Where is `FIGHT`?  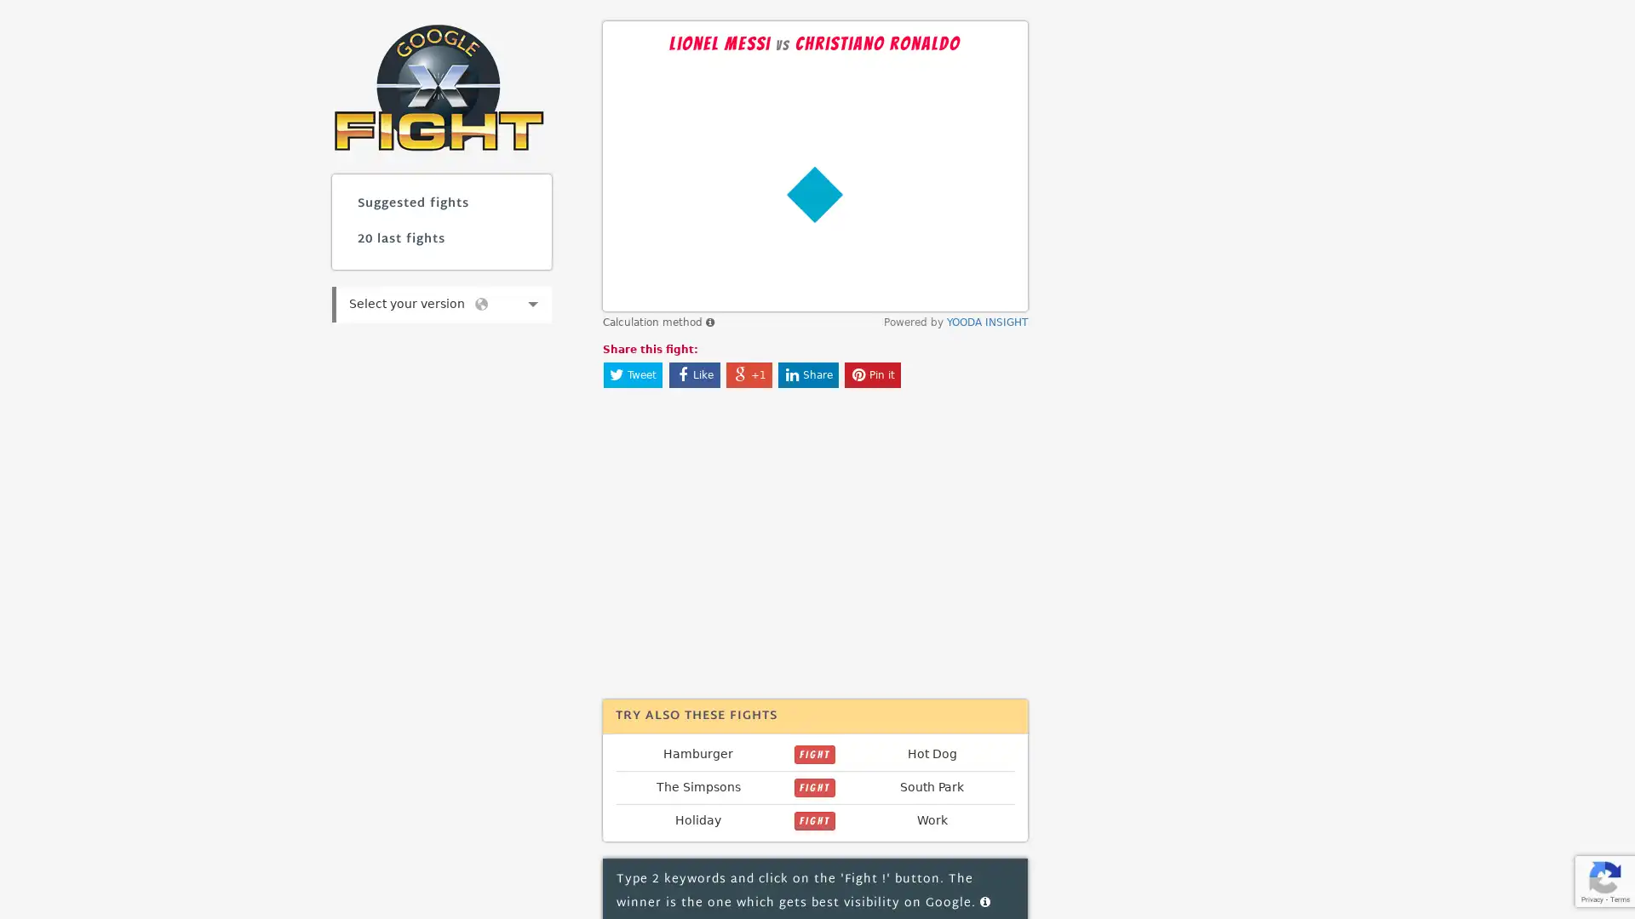 FIGHT is located at coordinates (813, 819).